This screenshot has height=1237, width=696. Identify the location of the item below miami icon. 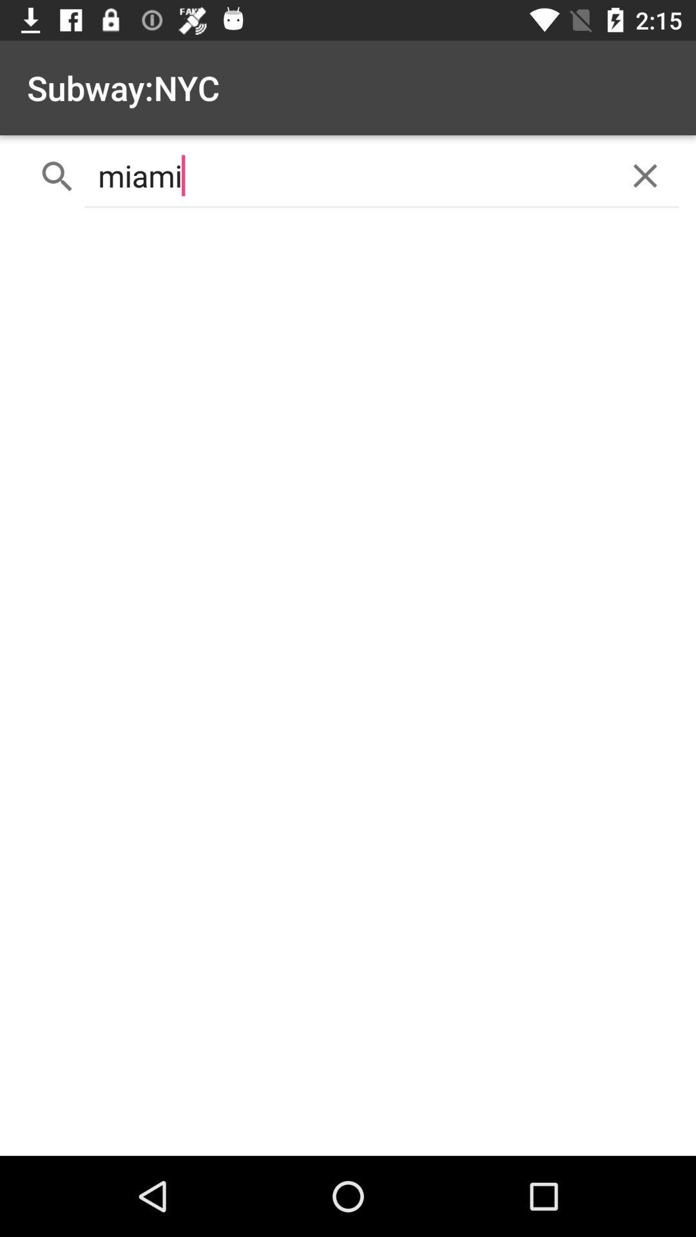
(348, 686).